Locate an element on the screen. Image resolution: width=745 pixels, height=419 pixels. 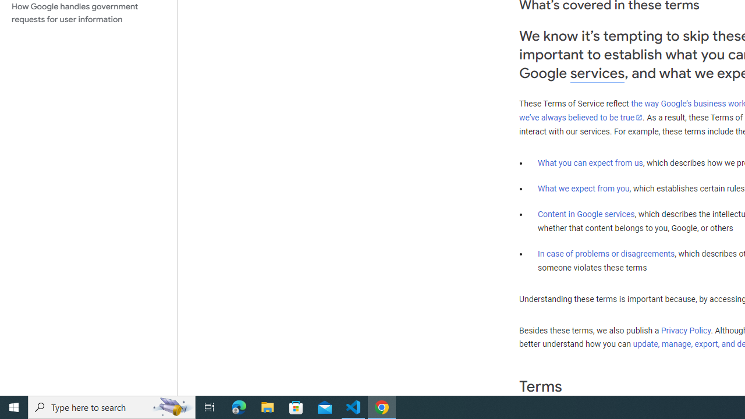
'In case of problems or disagreements' is located at coordinates (605, 253).